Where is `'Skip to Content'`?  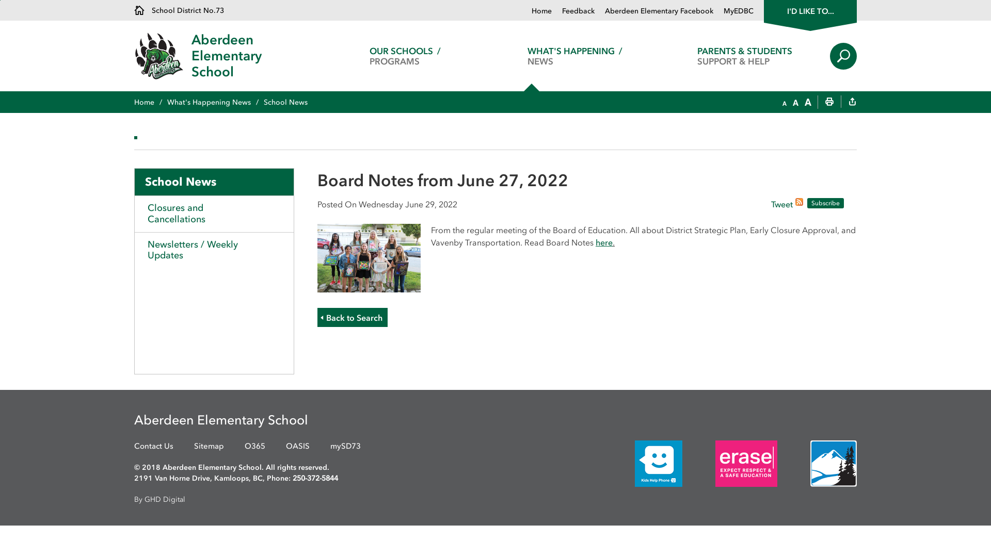 'Skip to Content' is located at coordinates (0, 0).